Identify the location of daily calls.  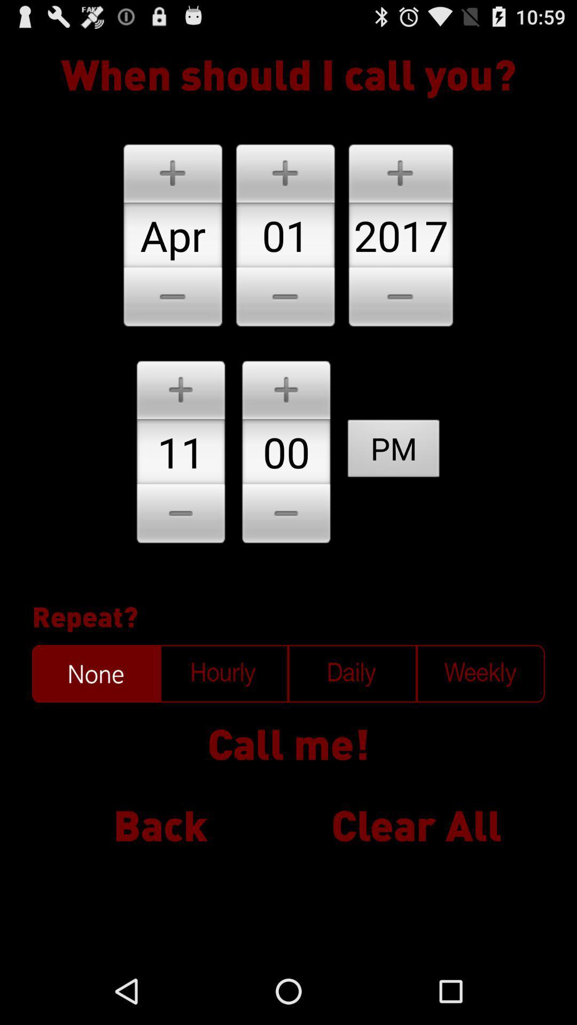
(352, 673).